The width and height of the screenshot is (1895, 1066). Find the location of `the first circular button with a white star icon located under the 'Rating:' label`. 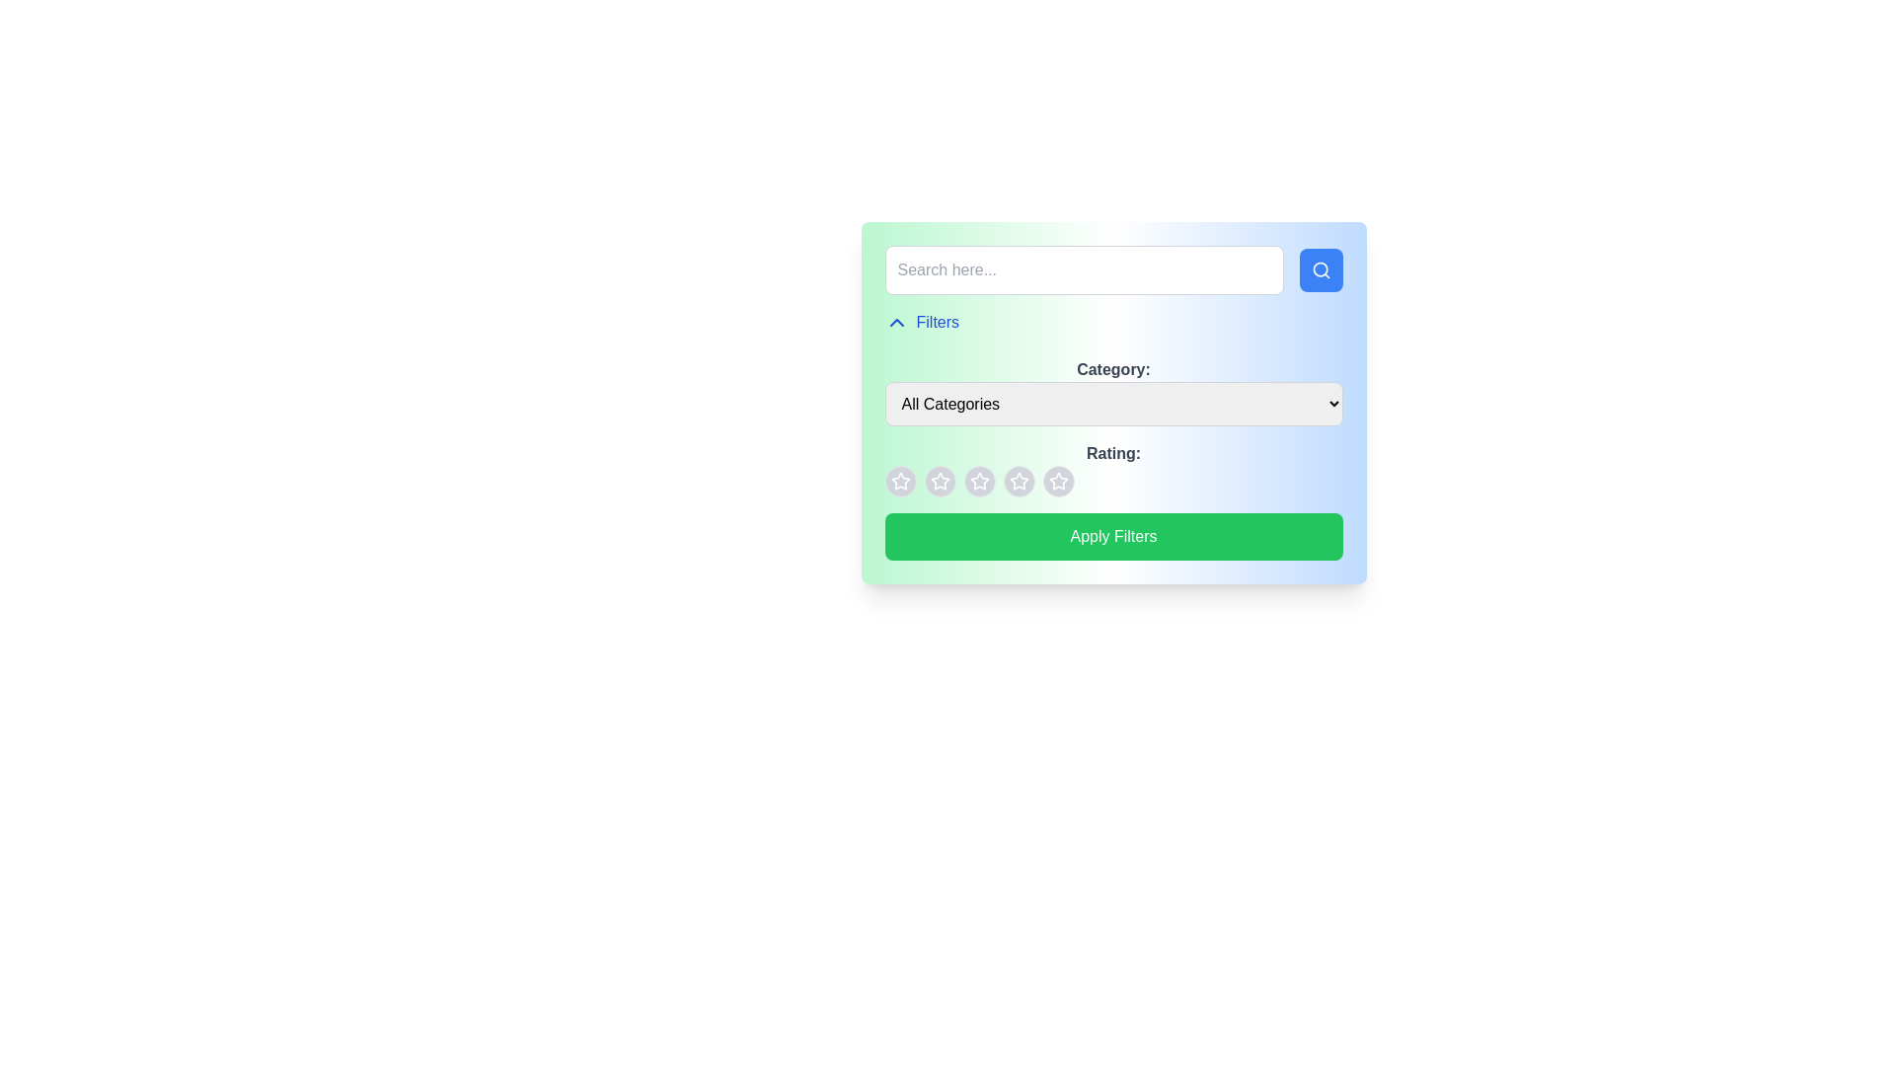

the first circular button with a white star icon located under the 'Rating:' label is located at coordinates (899, 482).